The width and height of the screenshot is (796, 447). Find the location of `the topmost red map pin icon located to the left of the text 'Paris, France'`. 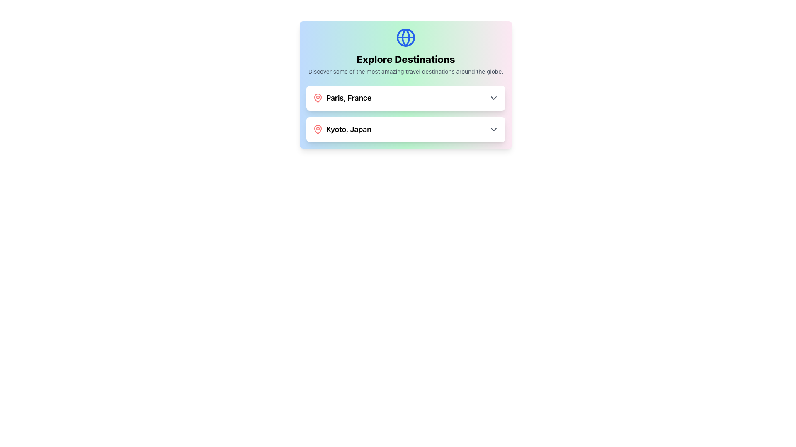

the topmost red map pin icon located to the left of the text 'Paris, France' is located at coordinates (318, 97).